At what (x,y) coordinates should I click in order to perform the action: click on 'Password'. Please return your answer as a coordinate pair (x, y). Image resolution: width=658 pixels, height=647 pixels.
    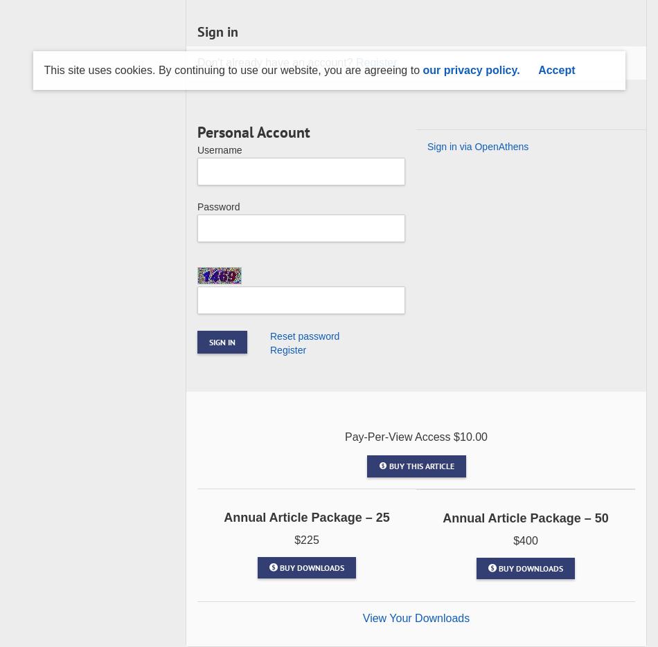
    Looking at the image, I should click on (217, 207).